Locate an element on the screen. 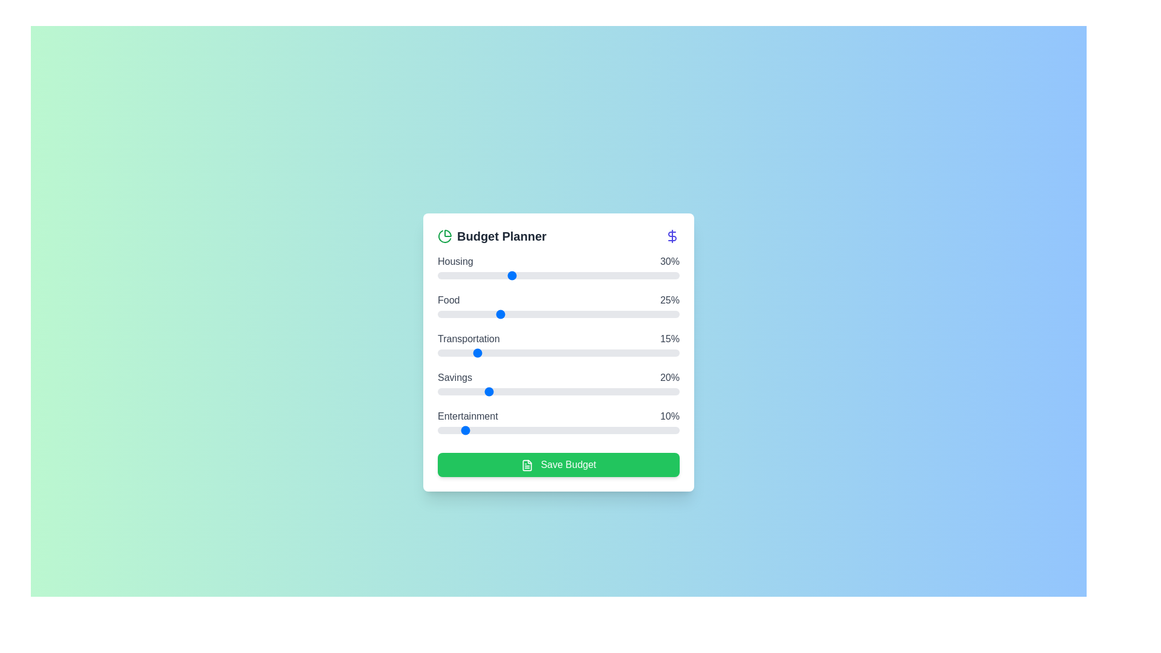  the 'Housing' slider to 96% allocation is located at coordinates (669, 275).